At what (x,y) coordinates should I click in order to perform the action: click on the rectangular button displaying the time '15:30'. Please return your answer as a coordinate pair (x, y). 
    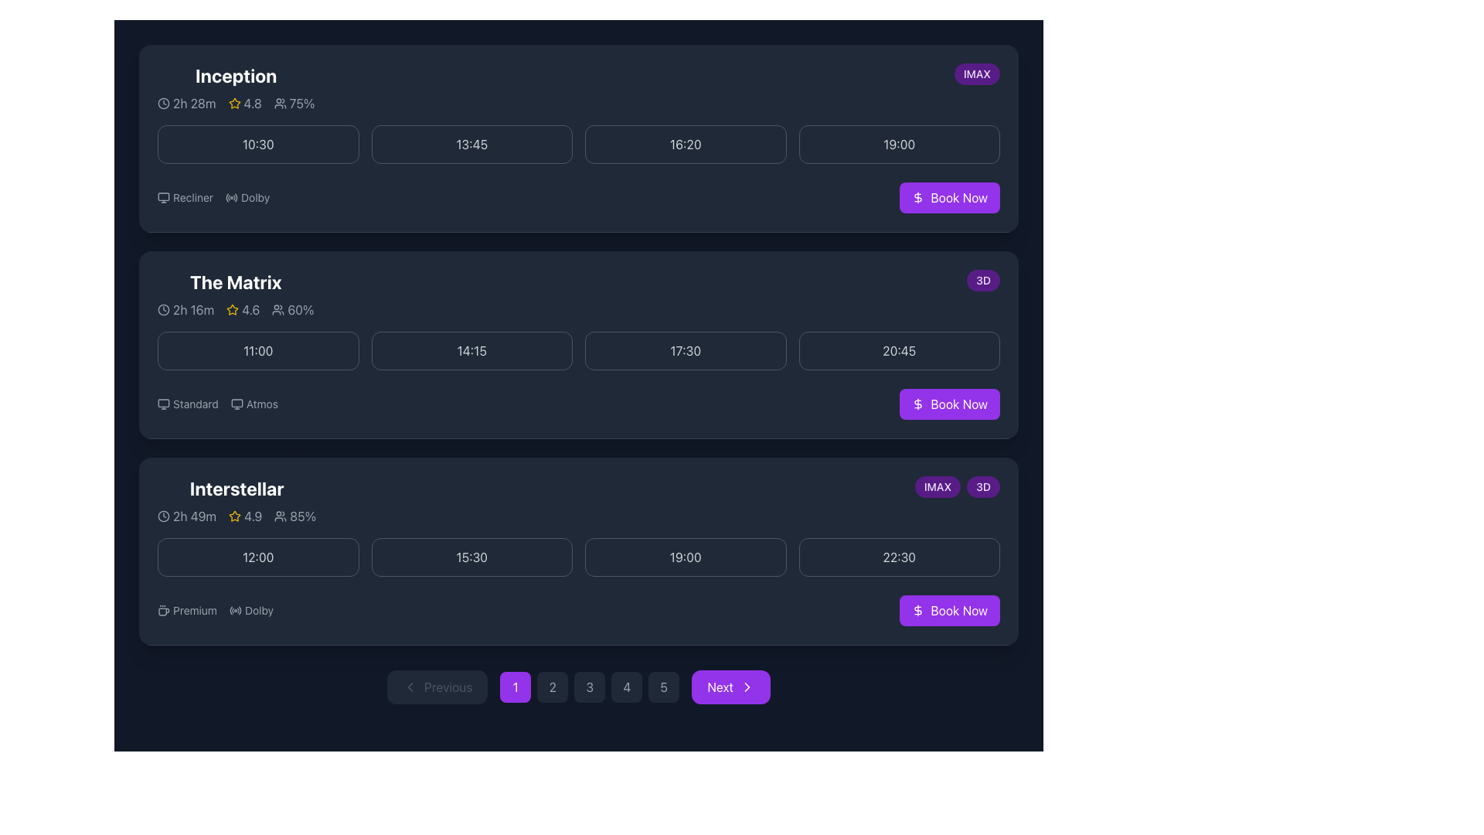
    Looking at the image, I should click on (471, 557).